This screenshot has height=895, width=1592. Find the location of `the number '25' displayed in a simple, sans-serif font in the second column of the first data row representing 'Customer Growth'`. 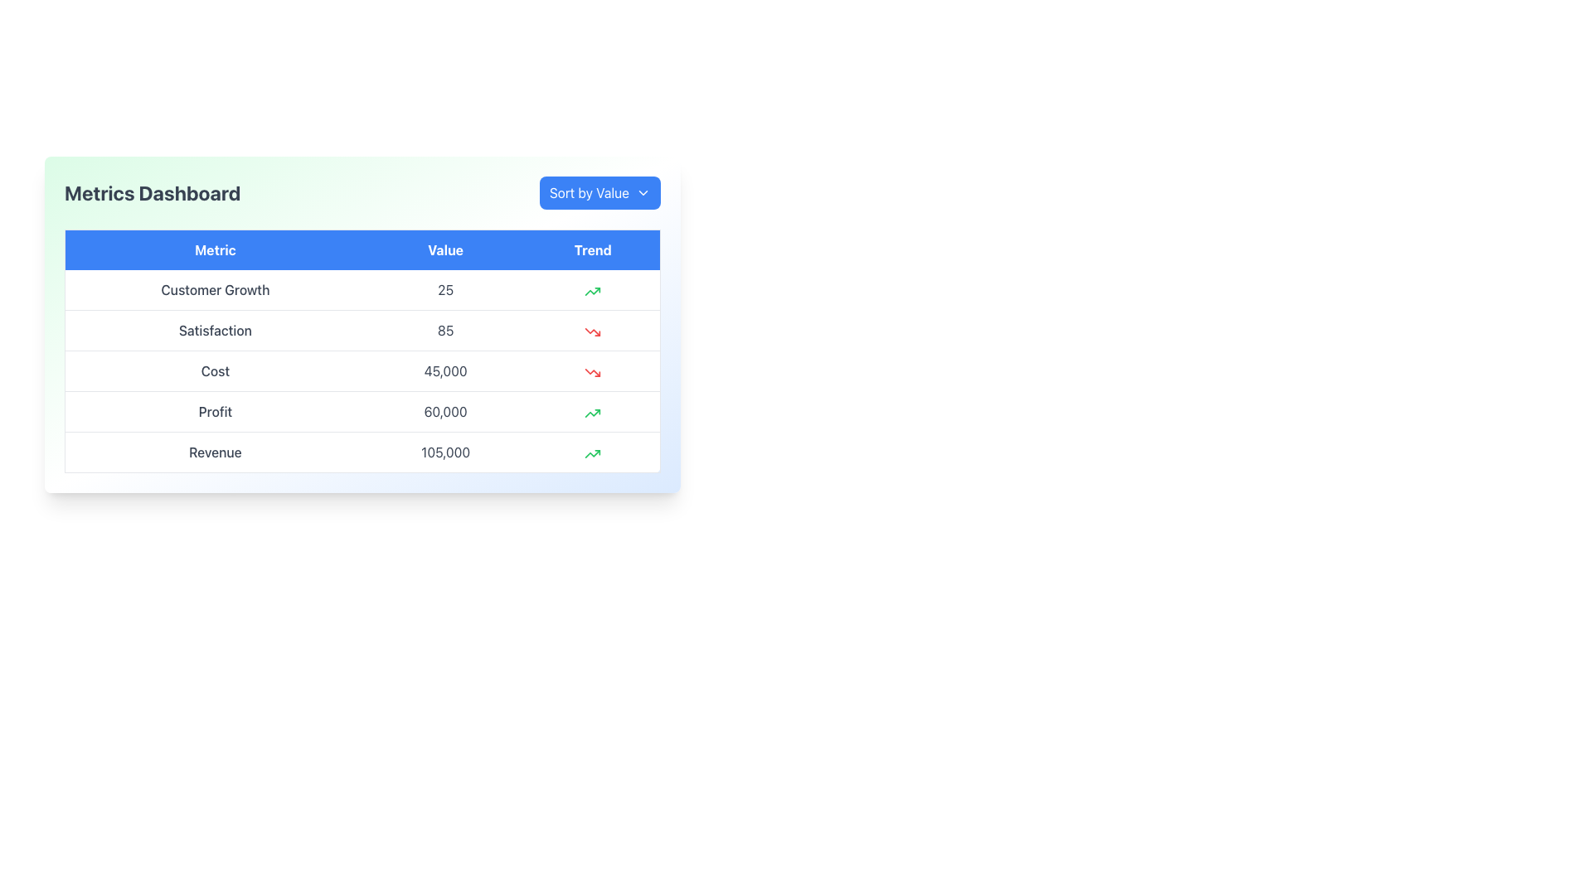

the number '25' displayed in a simple, sans-serif font in the second column of the first data row representing 'Customer Growth' is located at coordinates (445, 289).